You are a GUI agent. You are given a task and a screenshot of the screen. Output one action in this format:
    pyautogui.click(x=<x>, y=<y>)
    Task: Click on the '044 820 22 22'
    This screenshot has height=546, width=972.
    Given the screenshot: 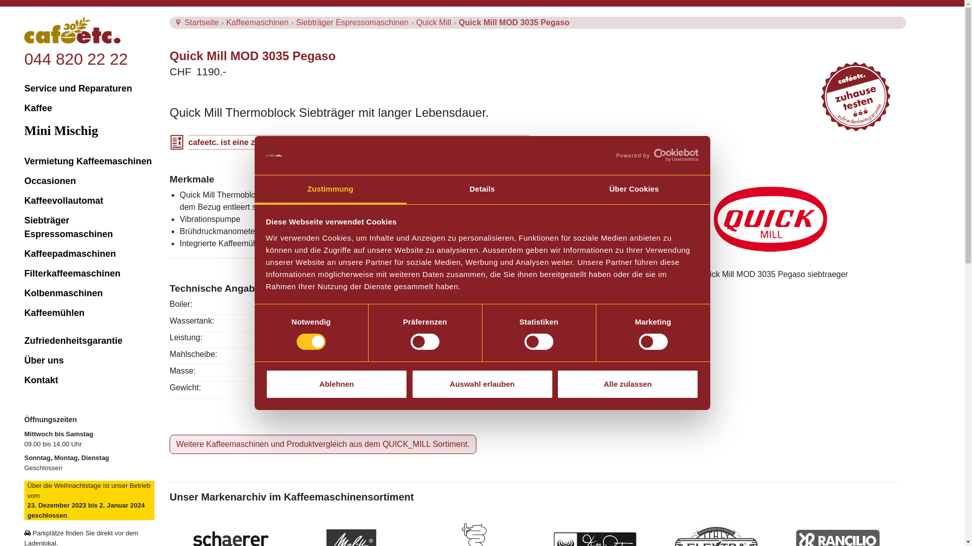 What is the action you would take?
    pyautogui.click(x=75, y=59)
    